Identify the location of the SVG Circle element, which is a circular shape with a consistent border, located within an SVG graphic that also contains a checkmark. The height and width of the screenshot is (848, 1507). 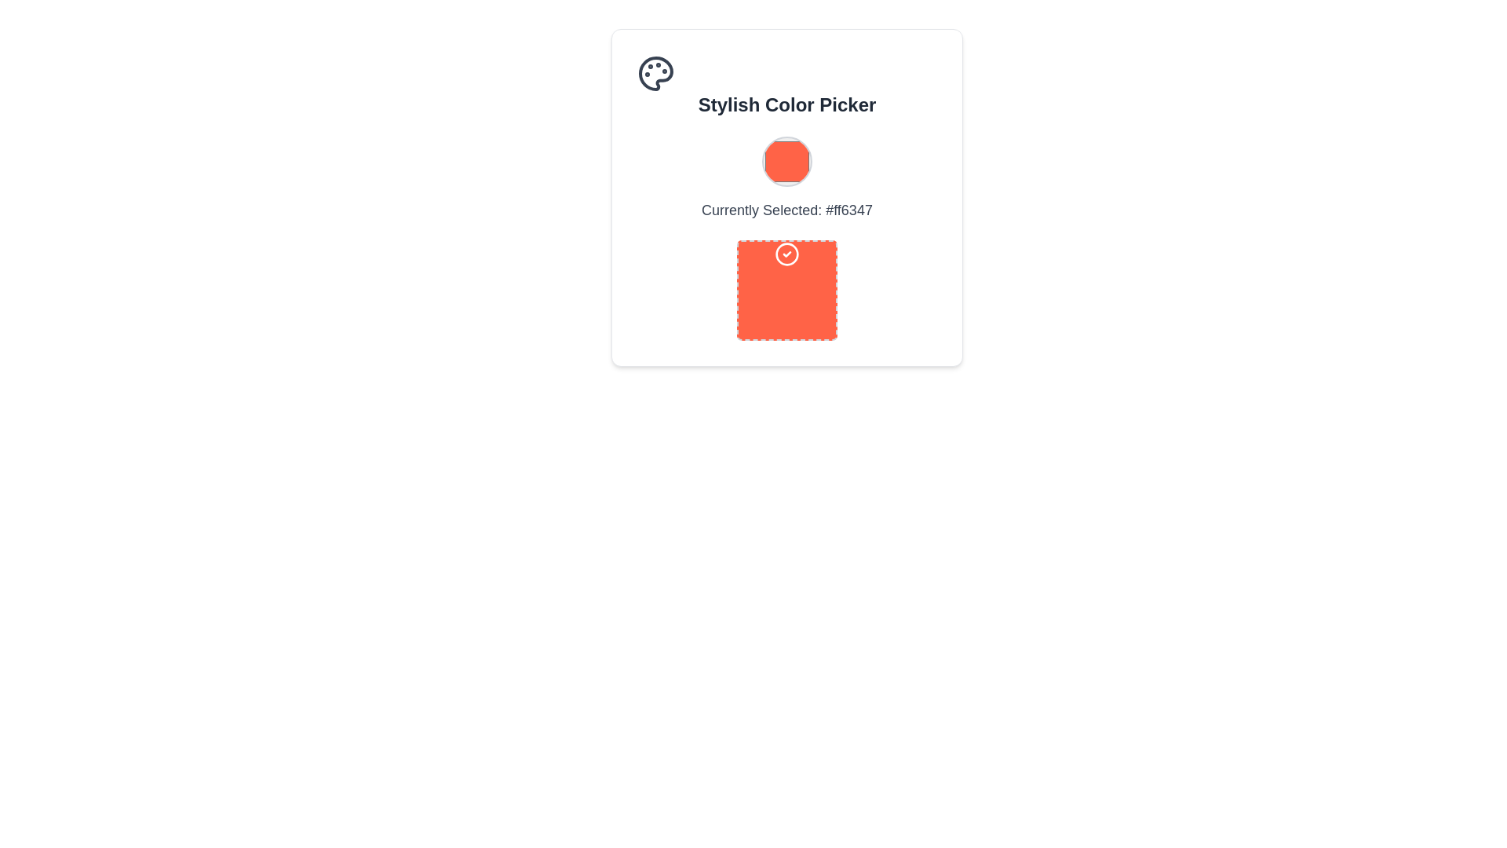
(787, 254).